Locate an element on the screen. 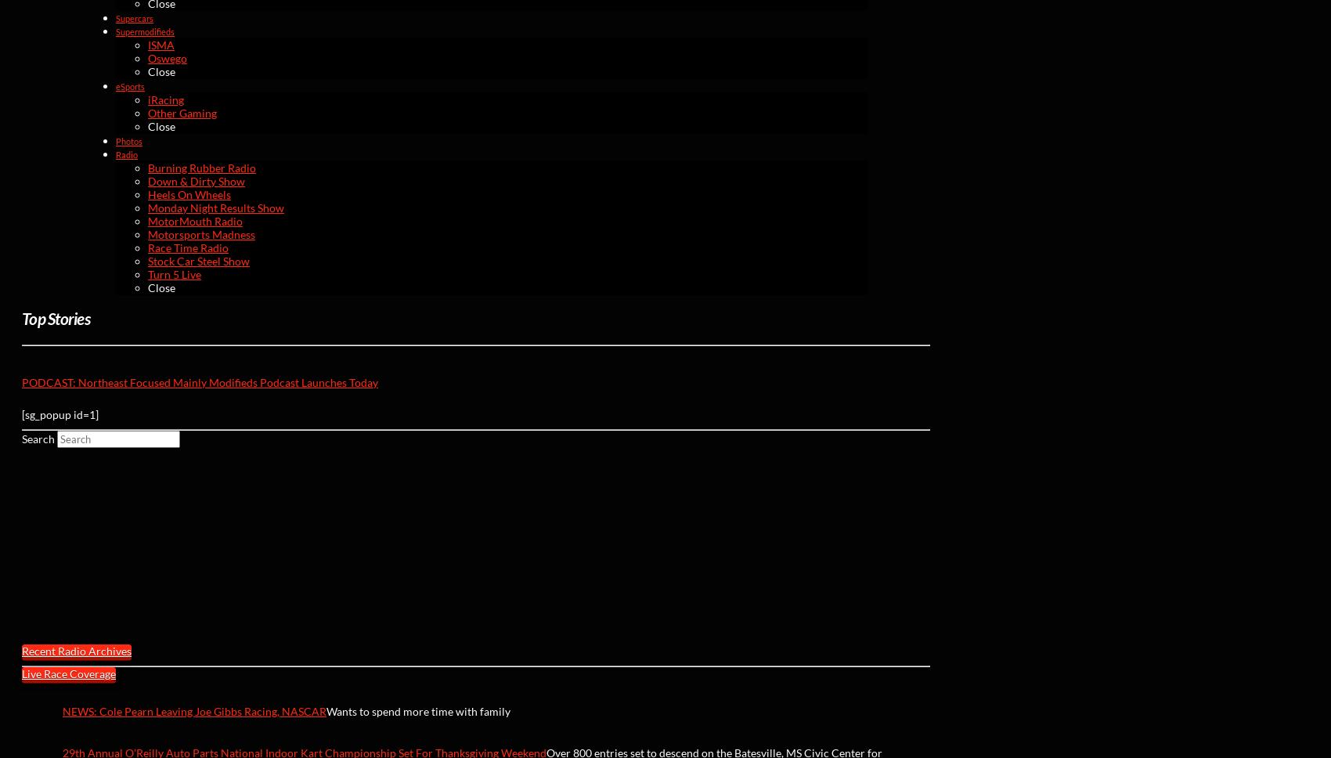 Image resolution: width=1331 pixels, height=758 pixels. 'PODCAST: Northeast Focused Mainly Modifieds Podcast Launches Today' is located at coordinates (200, 381).